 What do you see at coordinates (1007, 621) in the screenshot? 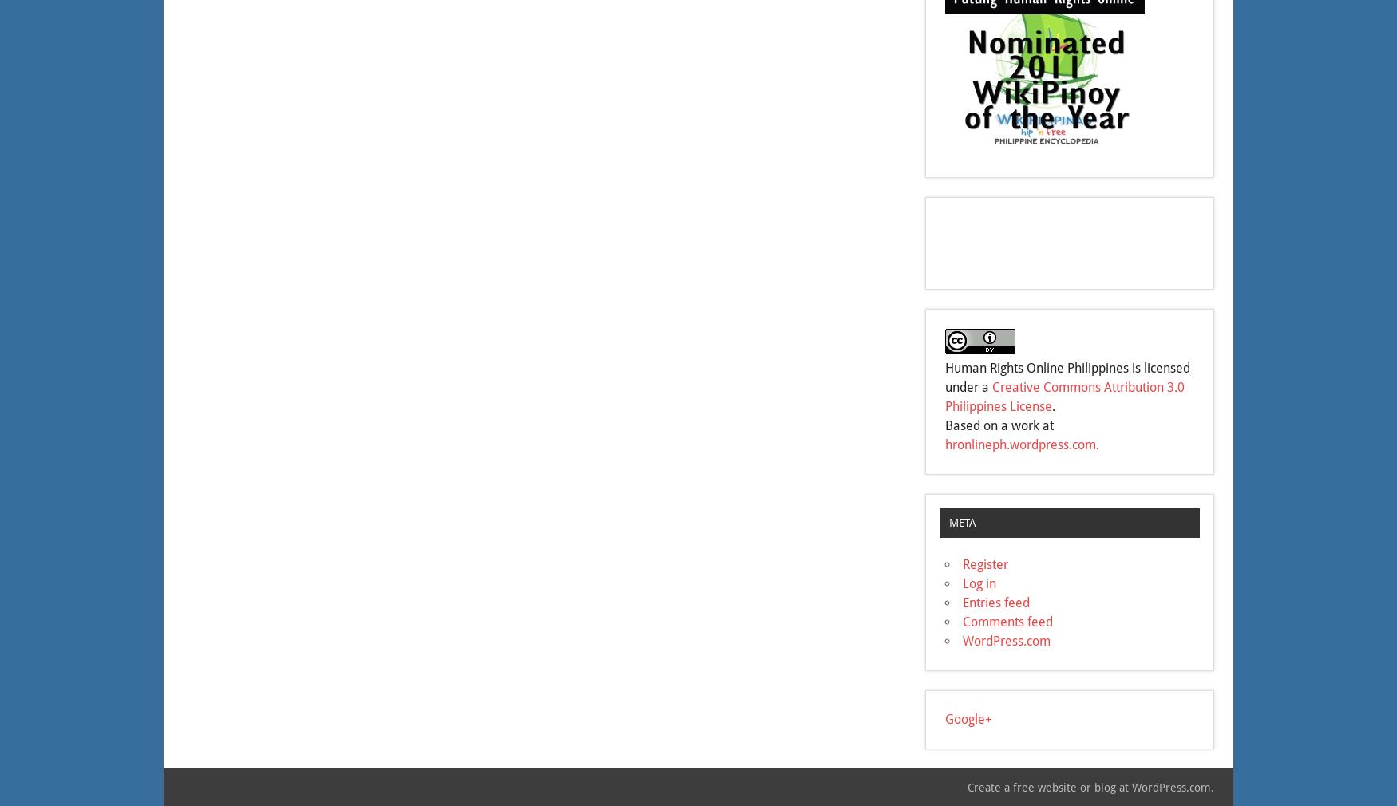
I see `'Comments feed'` at bounding box center [1007, 621].